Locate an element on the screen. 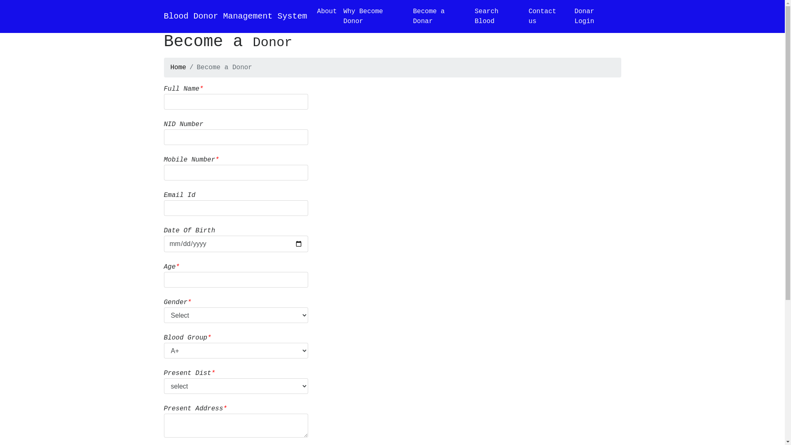  'Contact us' is located at coordinates (548, 16).